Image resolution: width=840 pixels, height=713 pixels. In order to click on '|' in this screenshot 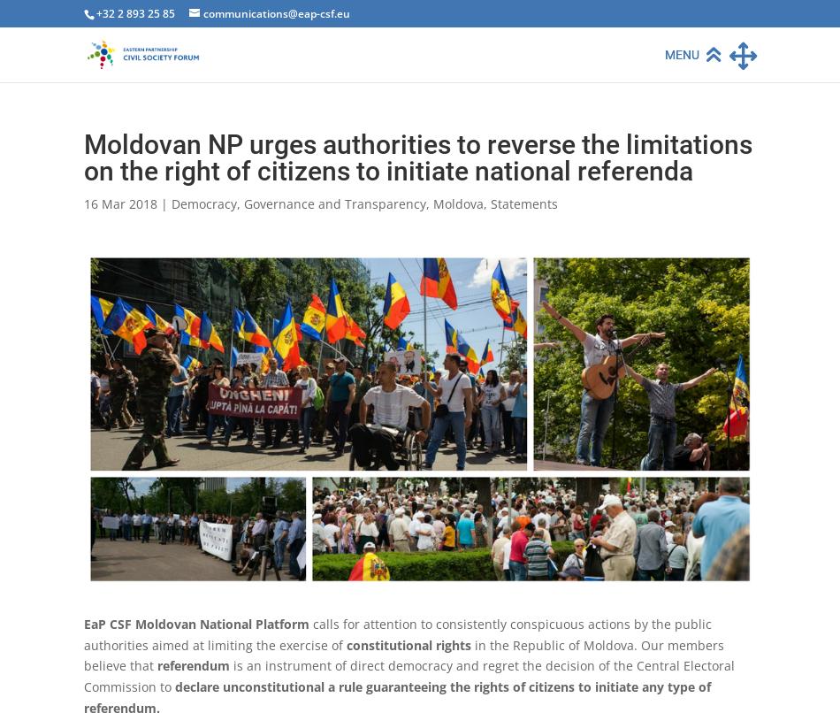, I will do `click(164, 203)`.